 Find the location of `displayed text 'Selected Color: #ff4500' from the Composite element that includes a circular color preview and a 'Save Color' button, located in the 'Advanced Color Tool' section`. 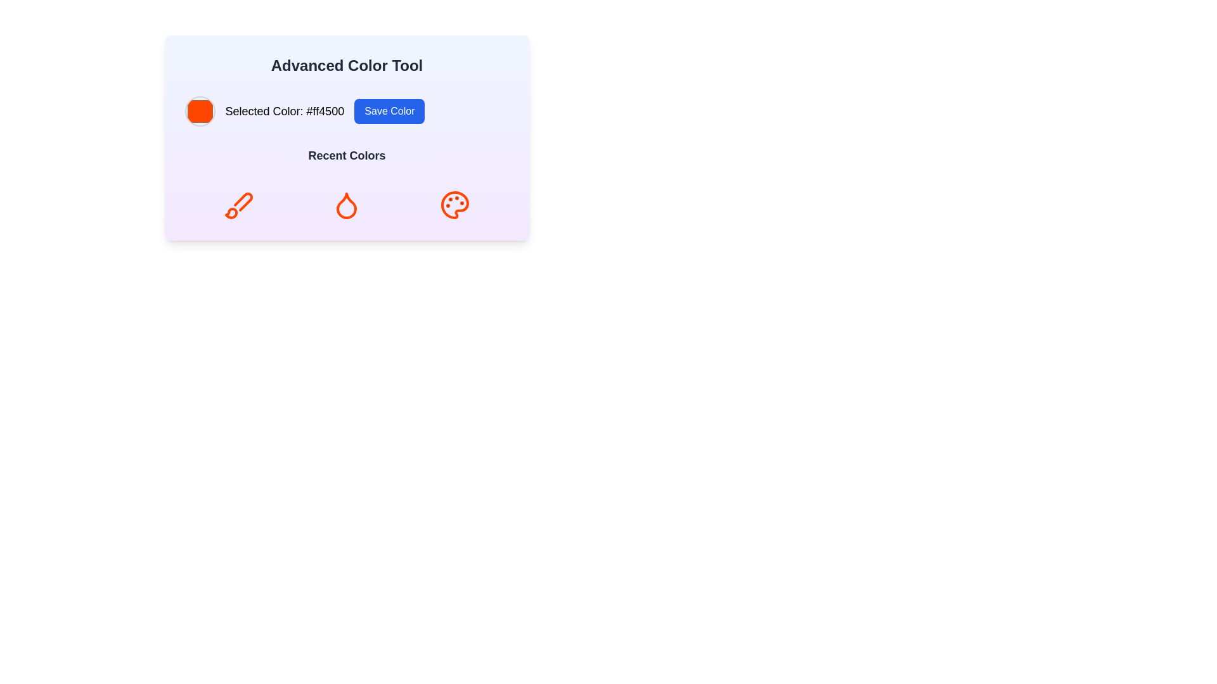

displayed text 'Selected Color: #ff4500' from the Composite element that includes a circular color preview and a 'Save Color' button, located in the 'Advanced Color Tool' section is located at coordinates (347, 111).